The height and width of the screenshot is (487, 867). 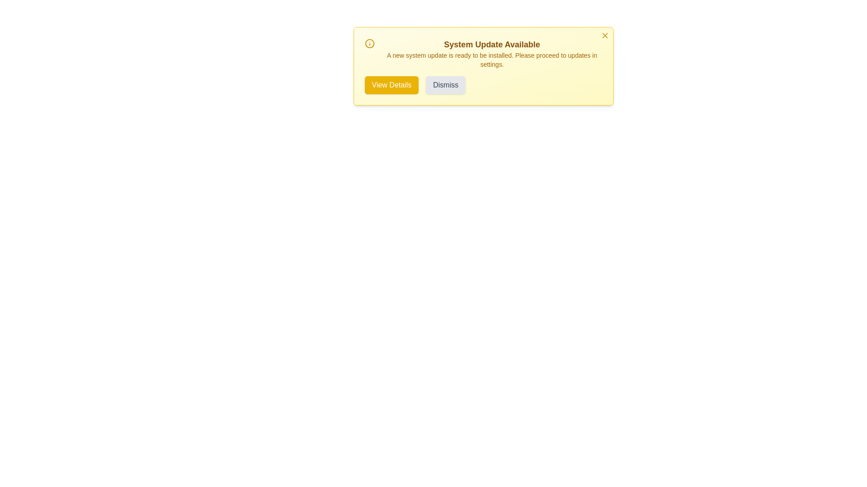 What do you see at coordinates (491, 60) in the screenshot?
I see `text located beneath the title 'System Update Available' within the yellow notification box, which informs the user about the availability and readiness of a system update` at bounding box center [491, 60].